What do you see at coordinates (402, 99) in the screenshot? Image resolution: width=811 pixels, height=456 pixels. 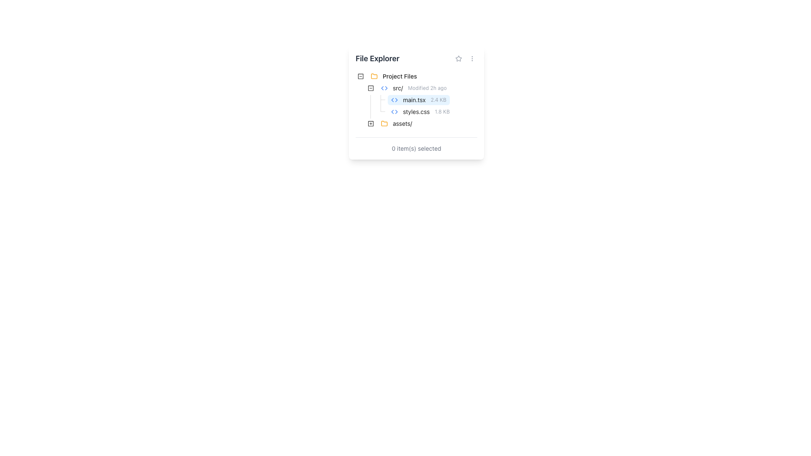 I see `the third file entry in the file explorer tree structure located under 'src/', positioned between 'src/Modified 2h ago' and 'styles.css1.8 KB'` at bounding box center [402, 99].